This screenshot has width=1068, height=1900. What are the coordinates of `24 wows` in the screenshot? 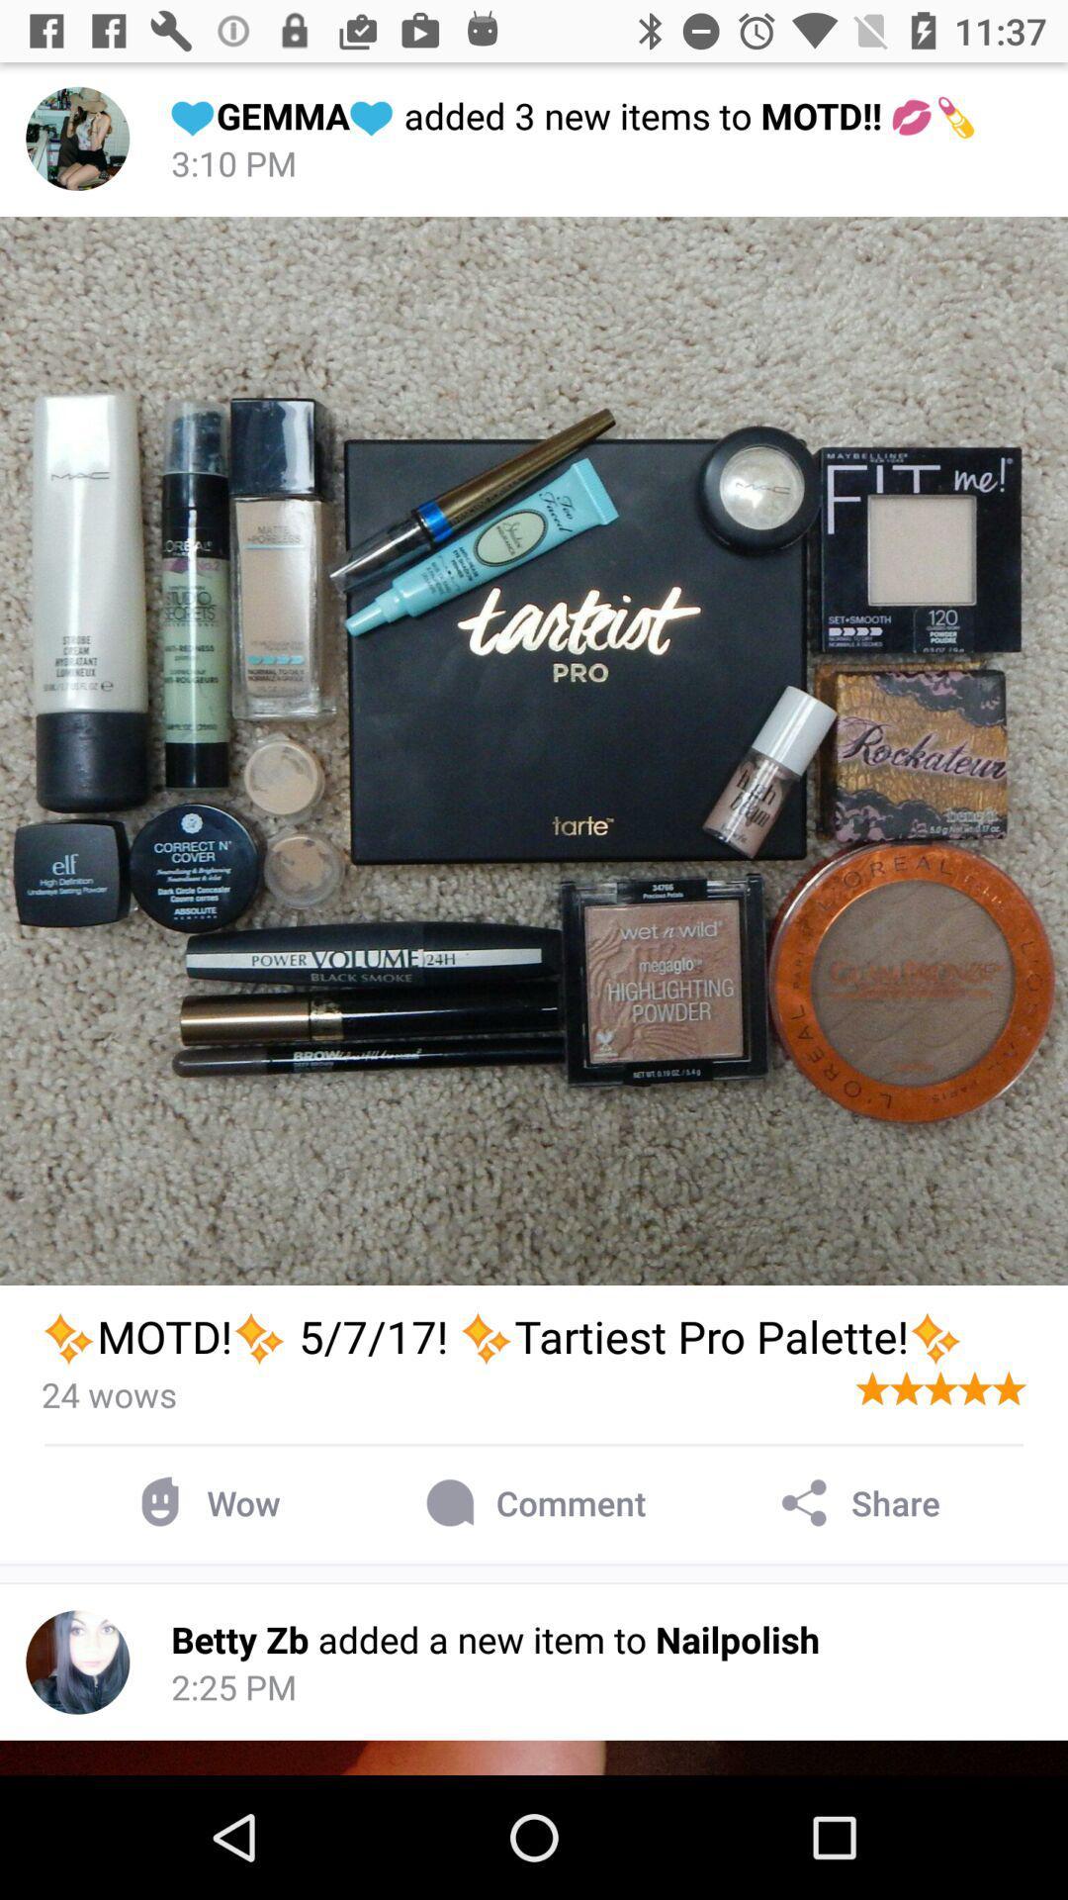 It's located at (109, 1393).